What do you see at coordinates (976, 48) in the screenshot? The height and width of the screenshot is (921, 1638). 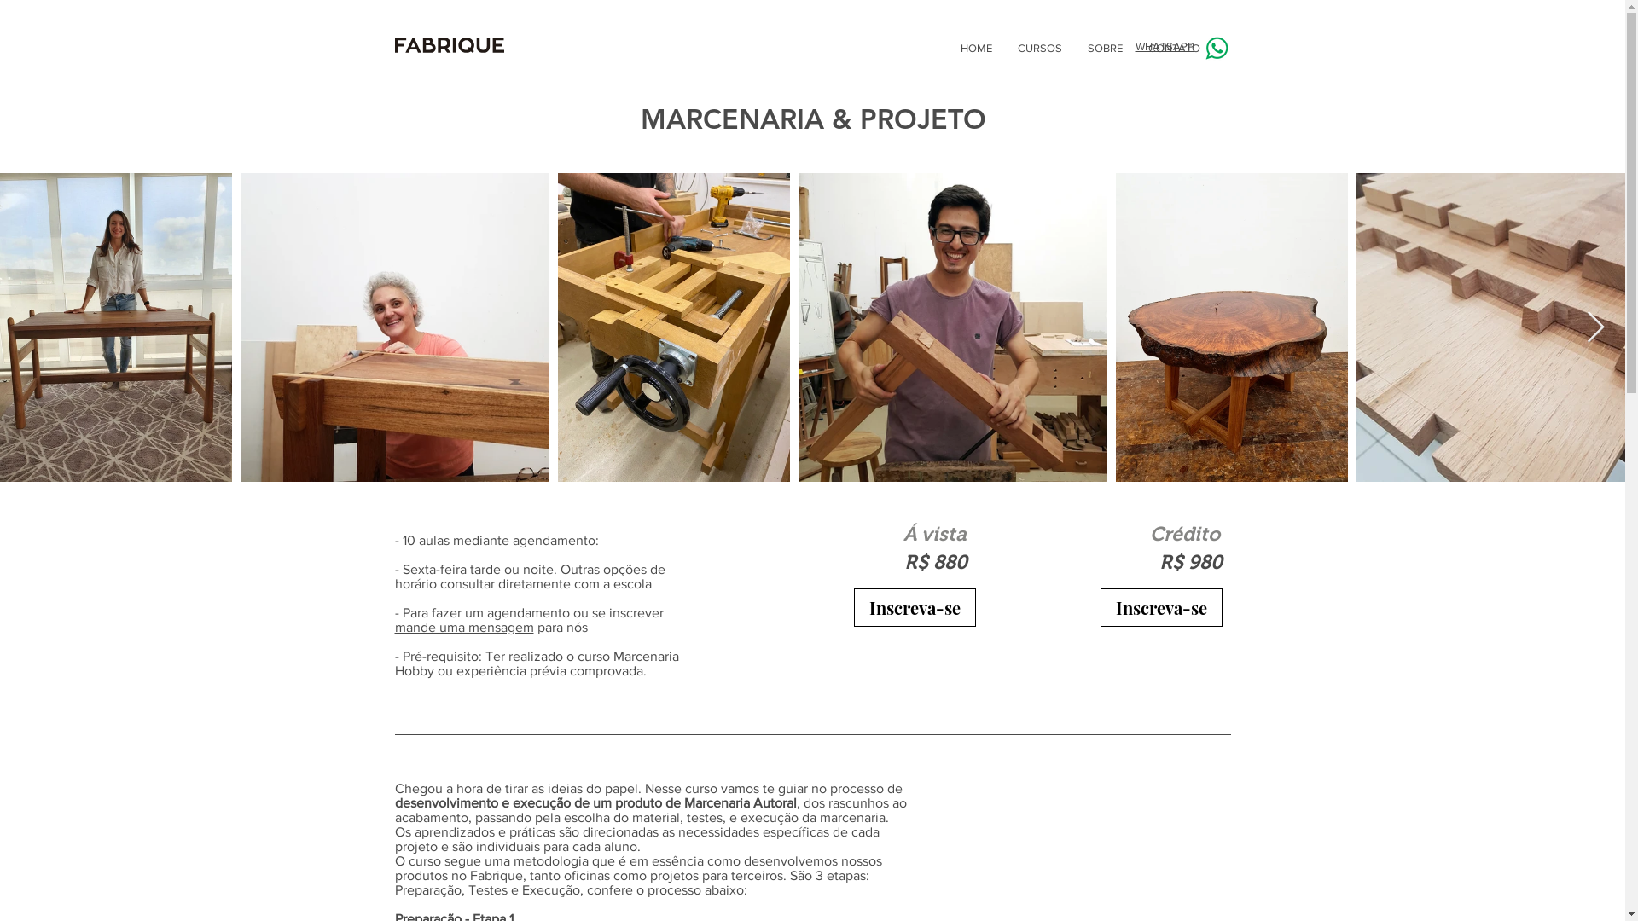 I see `'HOME'` at bounding box center [976, 48].